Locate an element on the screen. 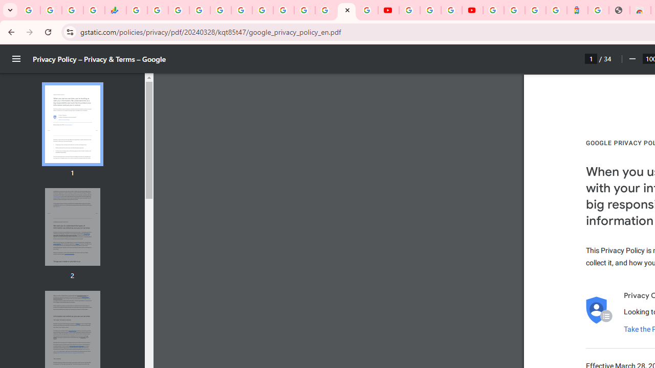 Image resolution: width=655 pixels, height=368 pixels. 'YouTube' is located at coordinates (409, 10).